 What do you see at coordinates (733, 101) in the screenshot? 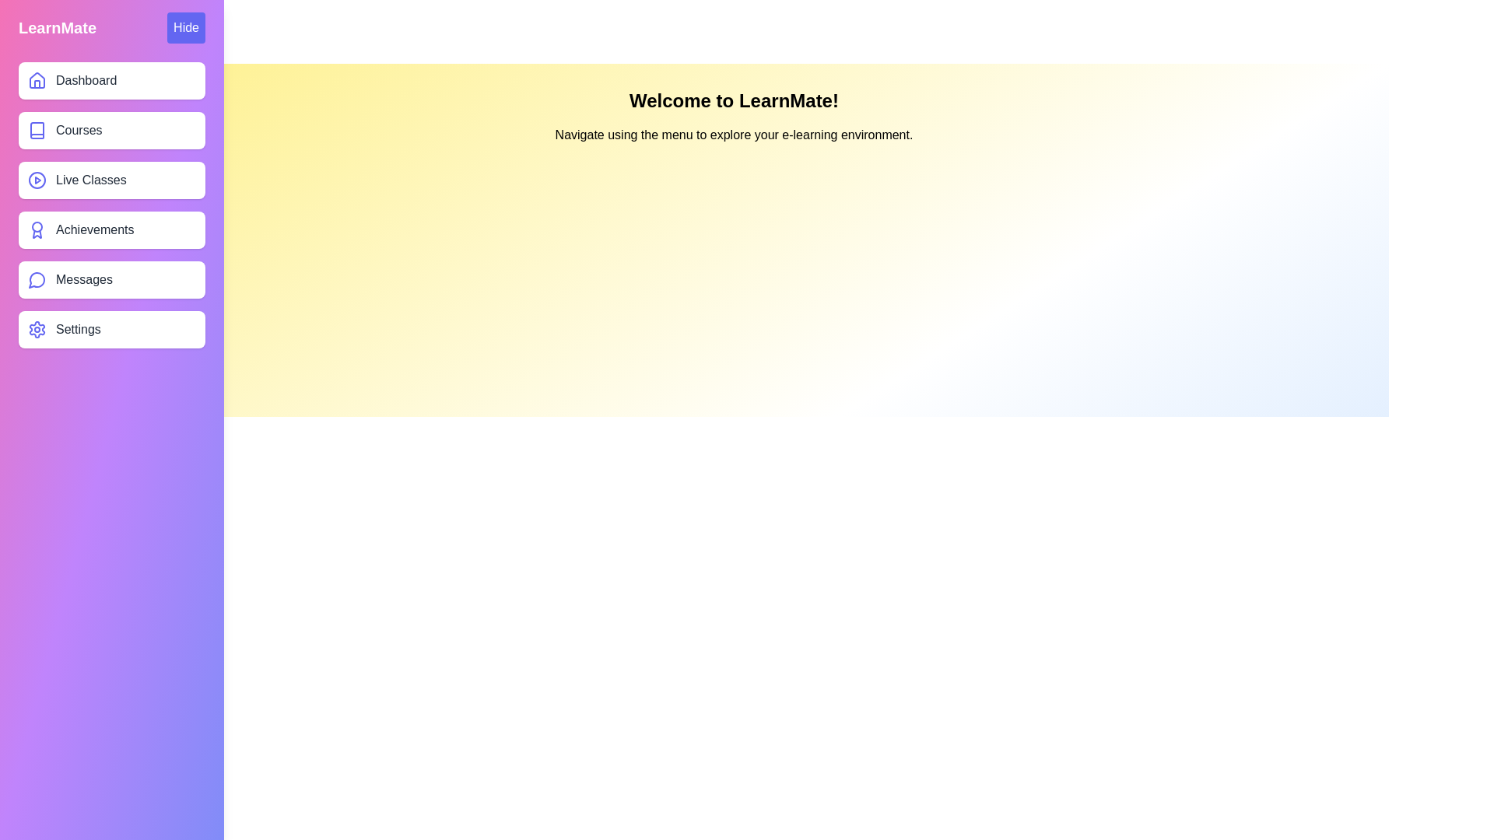
I see `the title text 'Welcome to LearnMate!'` at bounding box center [733, 101].